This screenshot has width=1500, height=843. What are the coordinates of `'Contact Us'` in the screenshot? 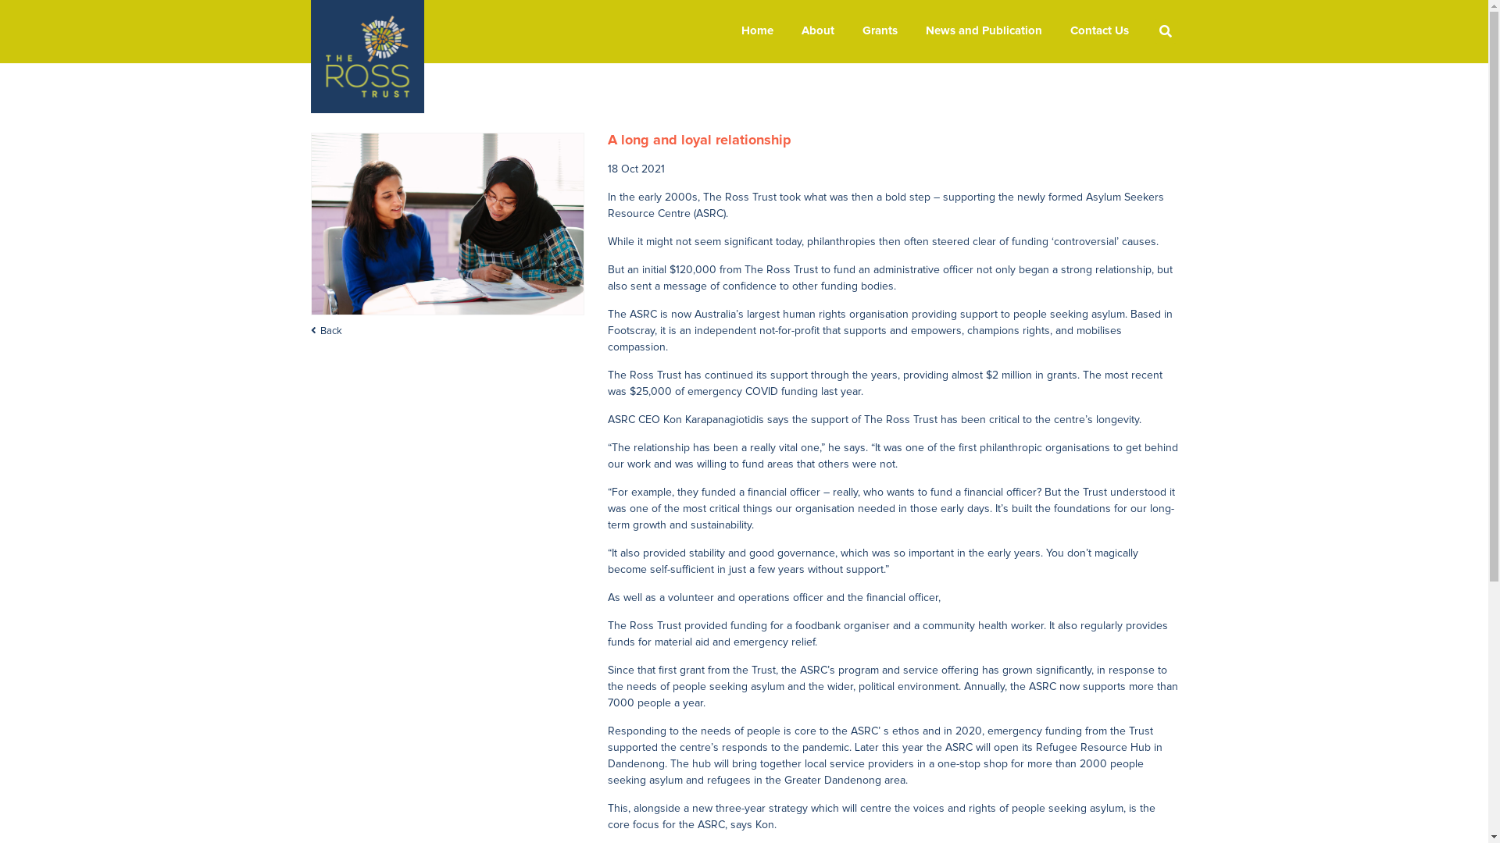 It's located at (1056, 31).